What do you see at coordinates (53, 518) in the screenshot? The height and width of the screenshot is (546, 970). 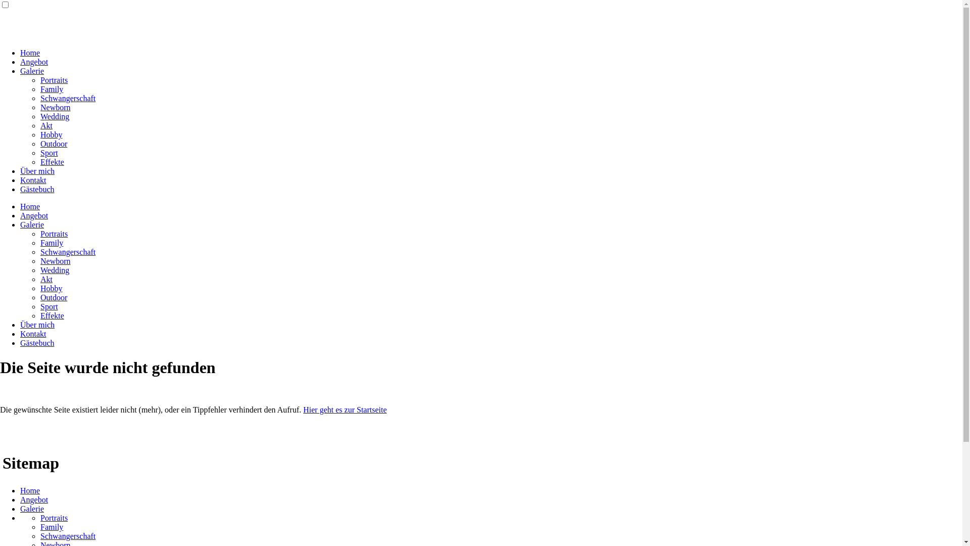 I see `'Portraits'` at bounding box center [53, 518].